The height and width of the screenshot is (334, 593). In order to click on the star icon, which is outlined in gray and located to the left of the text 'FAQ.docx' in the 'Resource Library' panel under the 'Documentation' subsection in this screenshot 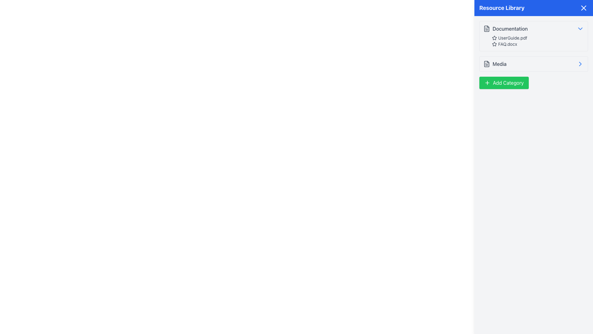, I will do `click(494, 44)`.